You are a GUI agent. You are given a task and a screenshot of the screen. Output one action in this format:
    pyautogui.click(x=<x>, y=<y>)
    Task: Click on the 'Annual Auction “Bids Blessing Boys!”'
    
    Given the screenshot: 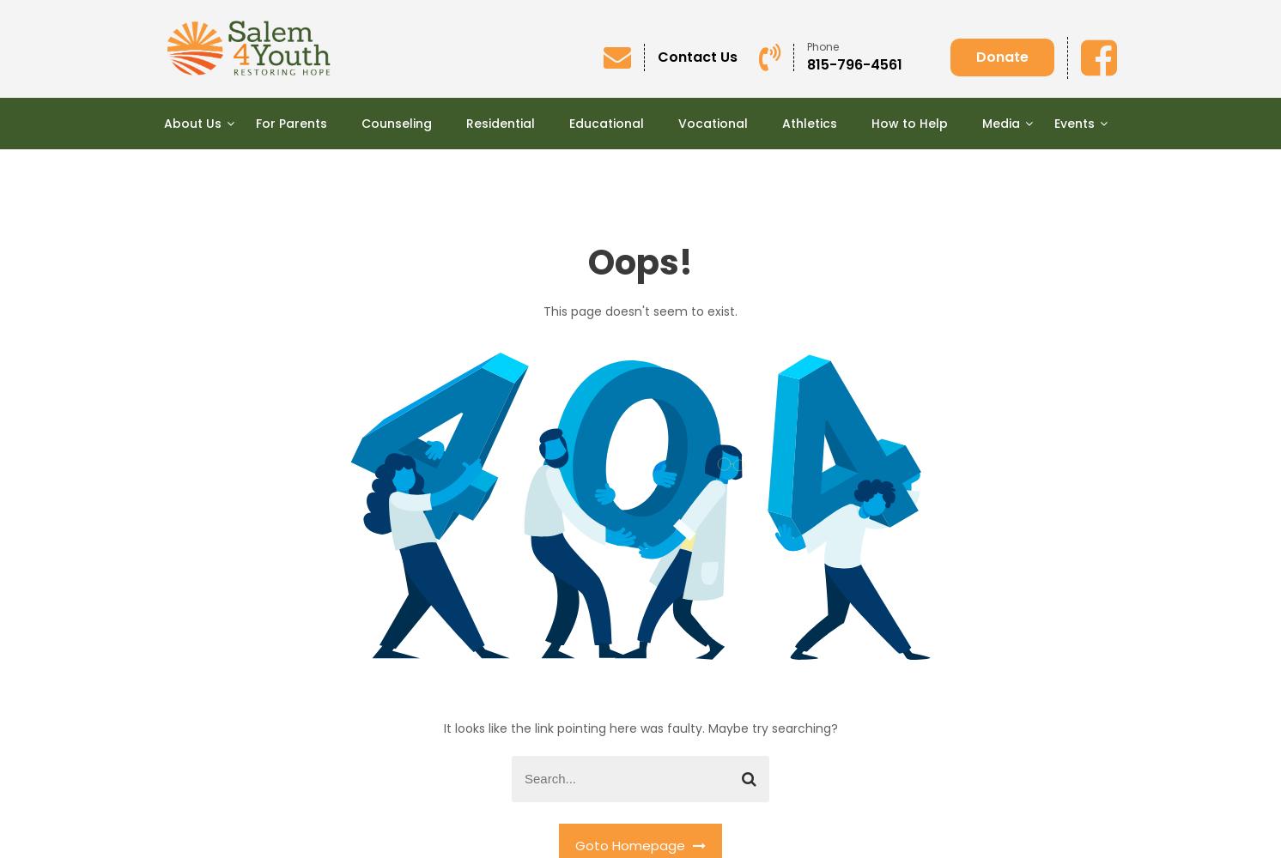 What is the action you would take?
    pyautogui.click(x=1136, y=247)
    